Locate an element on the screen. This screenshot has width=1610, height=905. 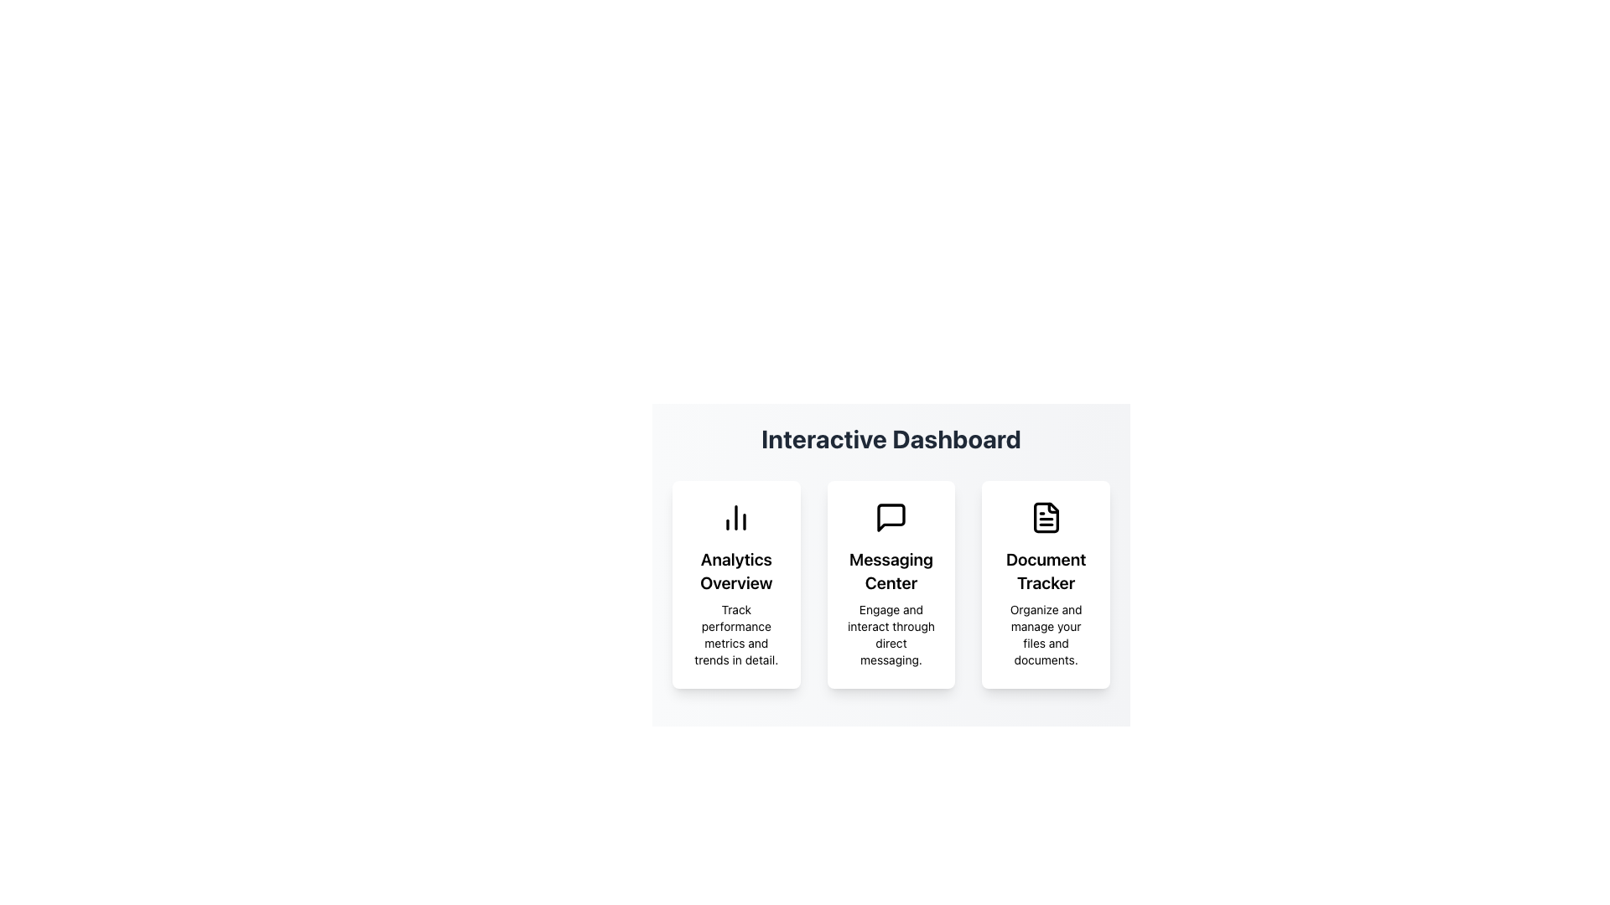
the messaging icon located at the top-central portion of the 'Messaging Center' card, which represents communication is located at coordinates (890, 516).